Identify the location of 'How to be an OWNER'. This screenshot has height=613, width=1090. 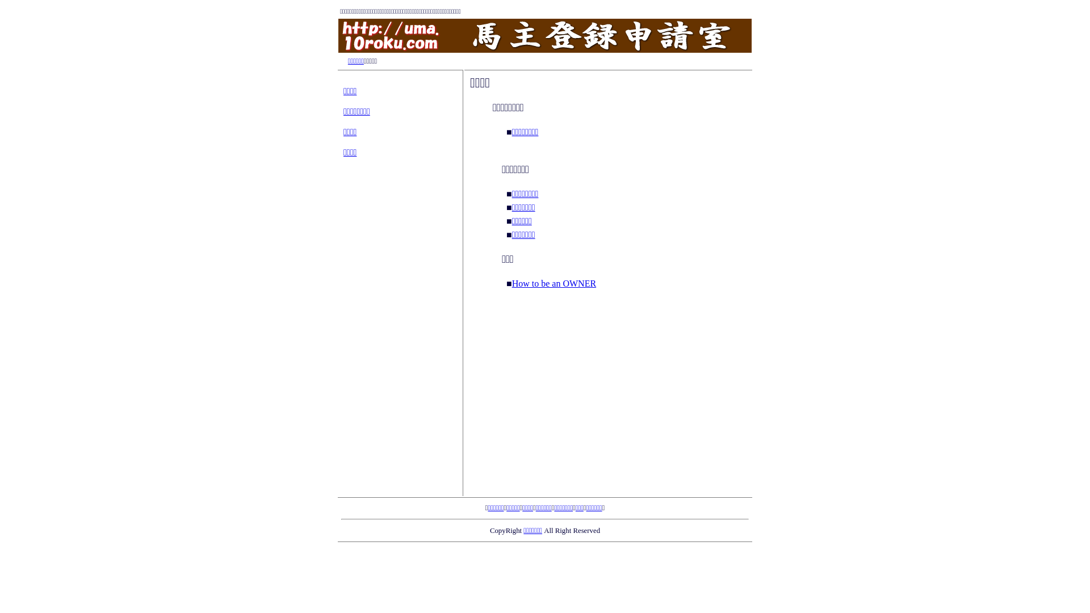
(512, 282).